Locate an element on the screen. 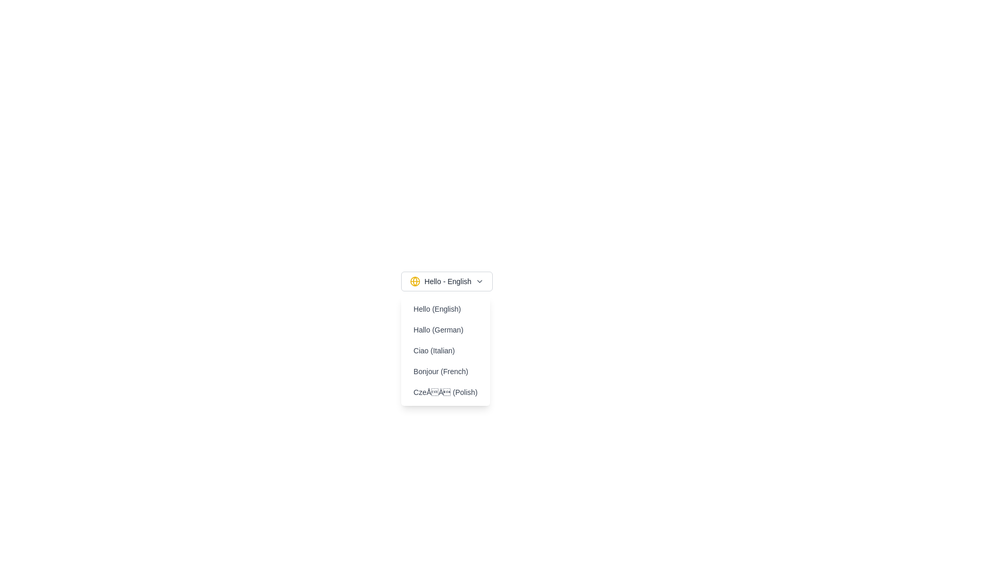 The image size is (999, 562). the second option is located at coordinates (445, 329).